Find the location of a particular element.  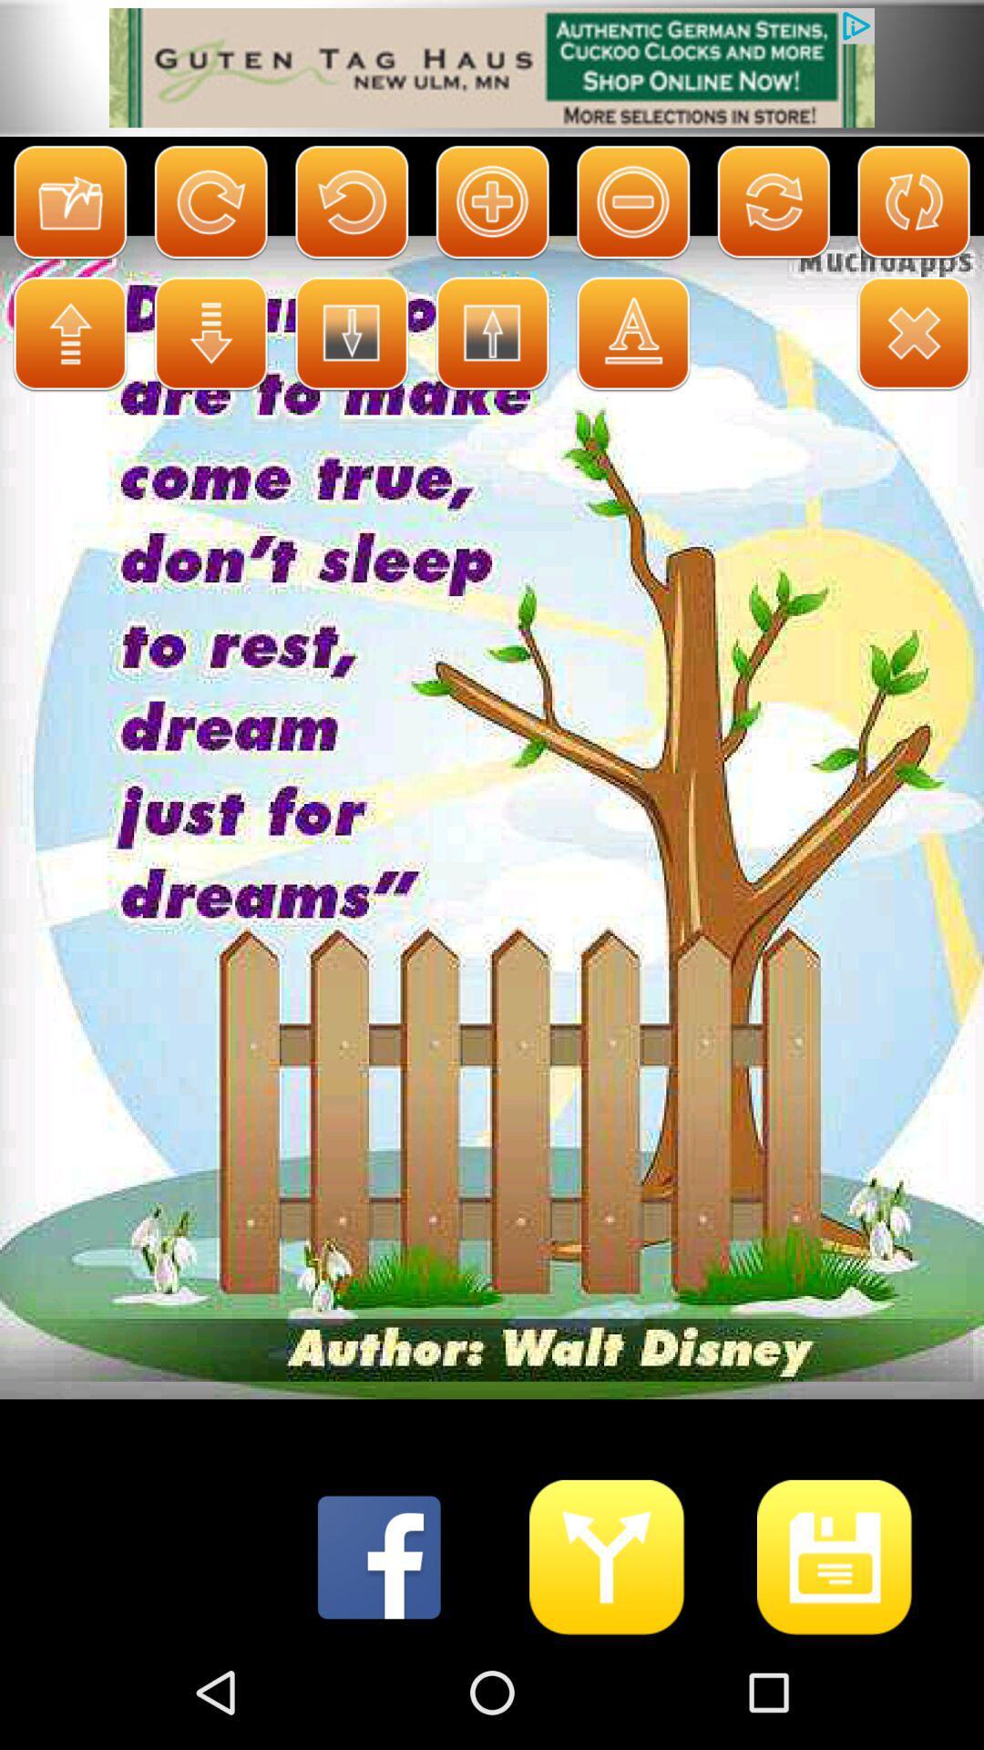

the facebook icon is located at coordinates (378, 1666).